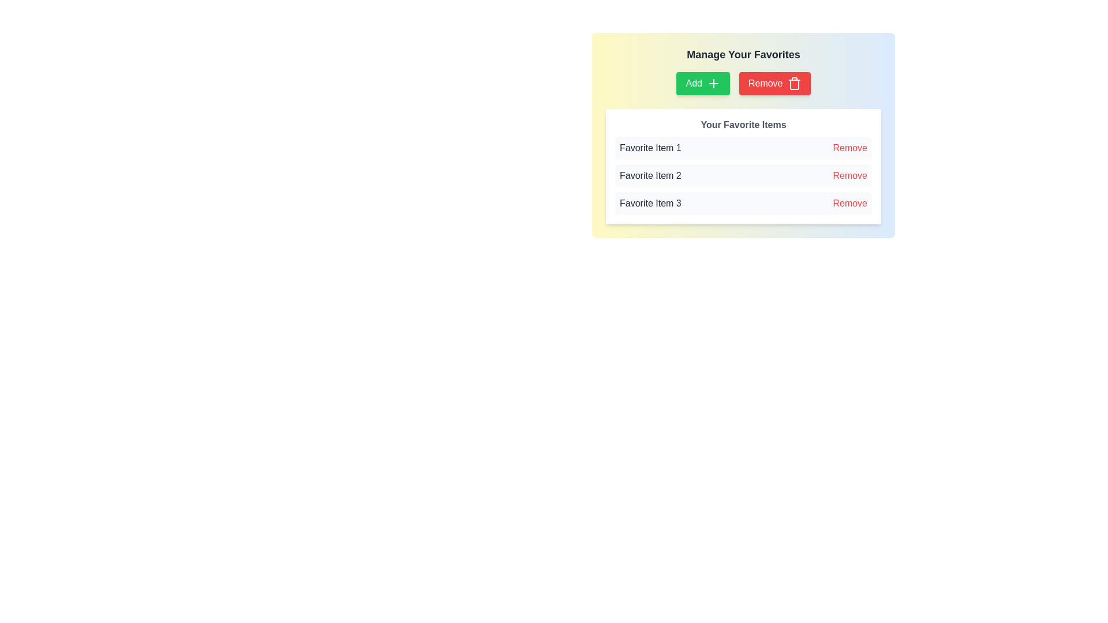 This screenshot has height=623, width=1108. Describe the element at coordinates (743, 83) in the screenshot. I see `the buttons in the control panel located below the 'Manage Your Favorites' header` at that location.